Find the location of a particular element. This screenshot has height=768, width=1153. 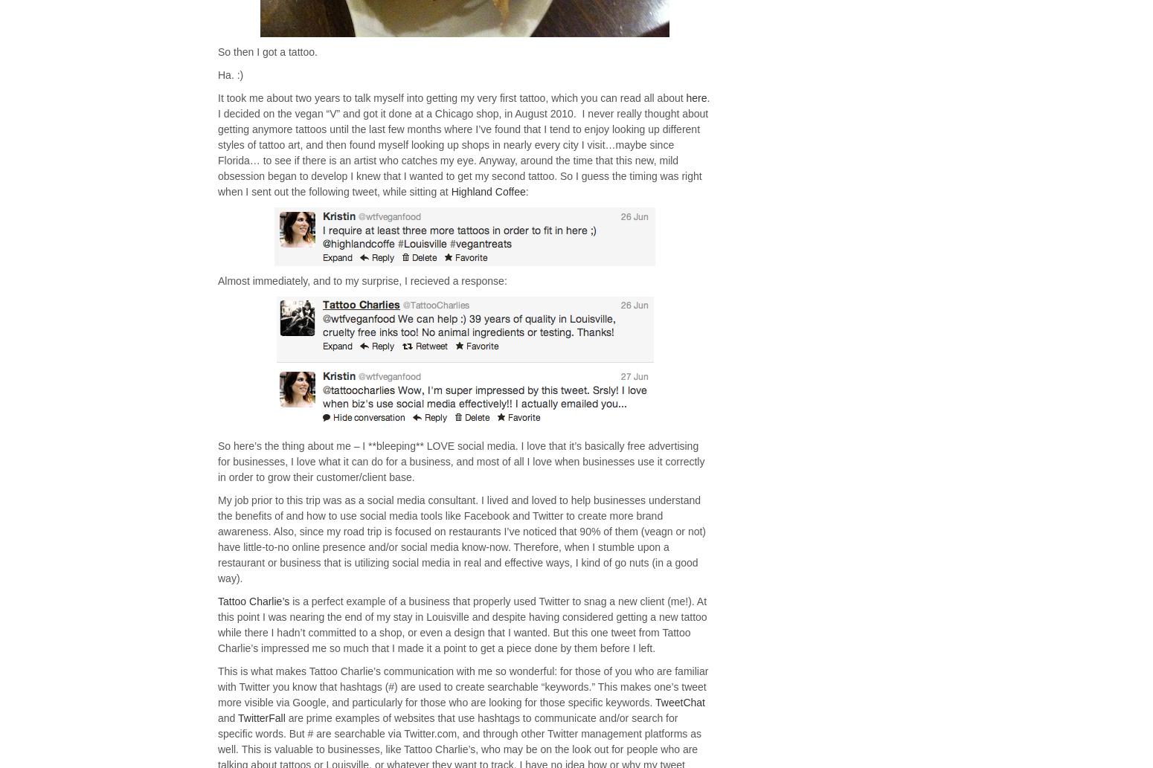

'and' is located at coordinates (228, 717).